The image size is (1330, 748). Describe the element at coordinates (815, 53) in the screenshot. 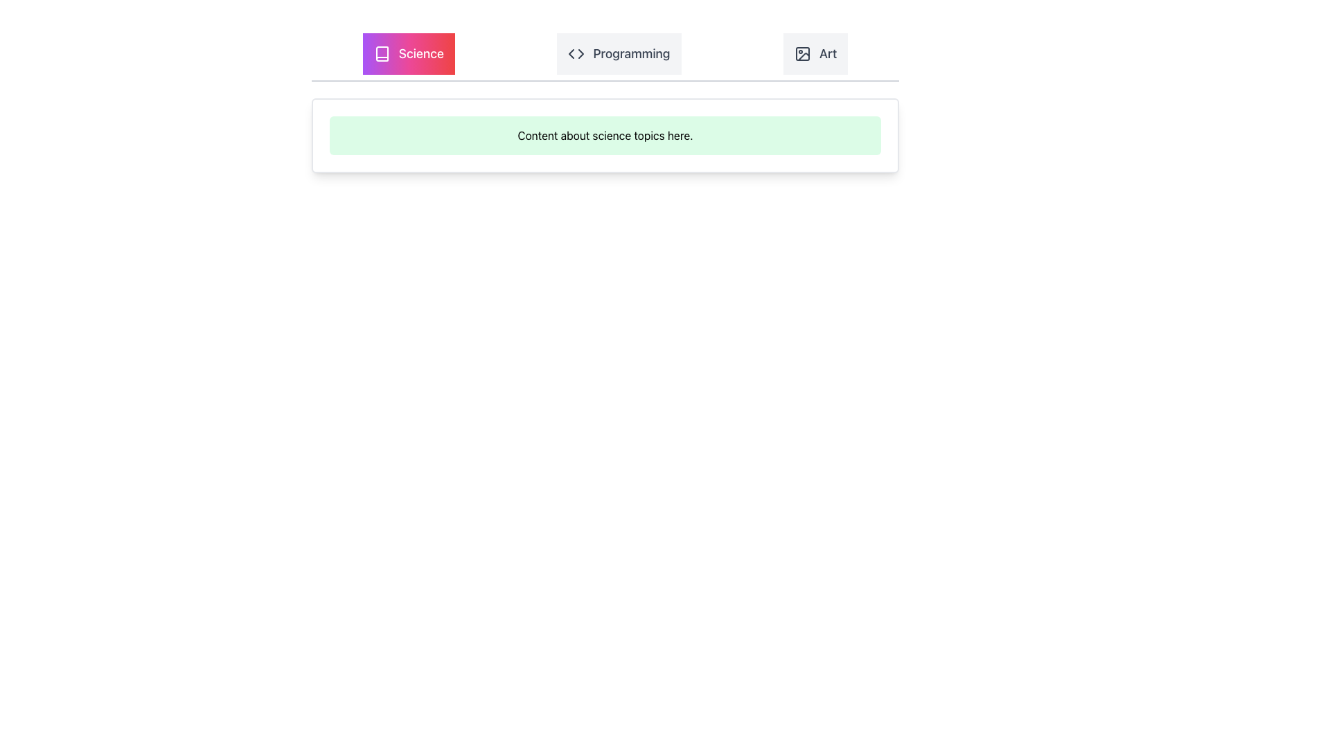

I see `the 'Art' tab in the tab group` at that location.